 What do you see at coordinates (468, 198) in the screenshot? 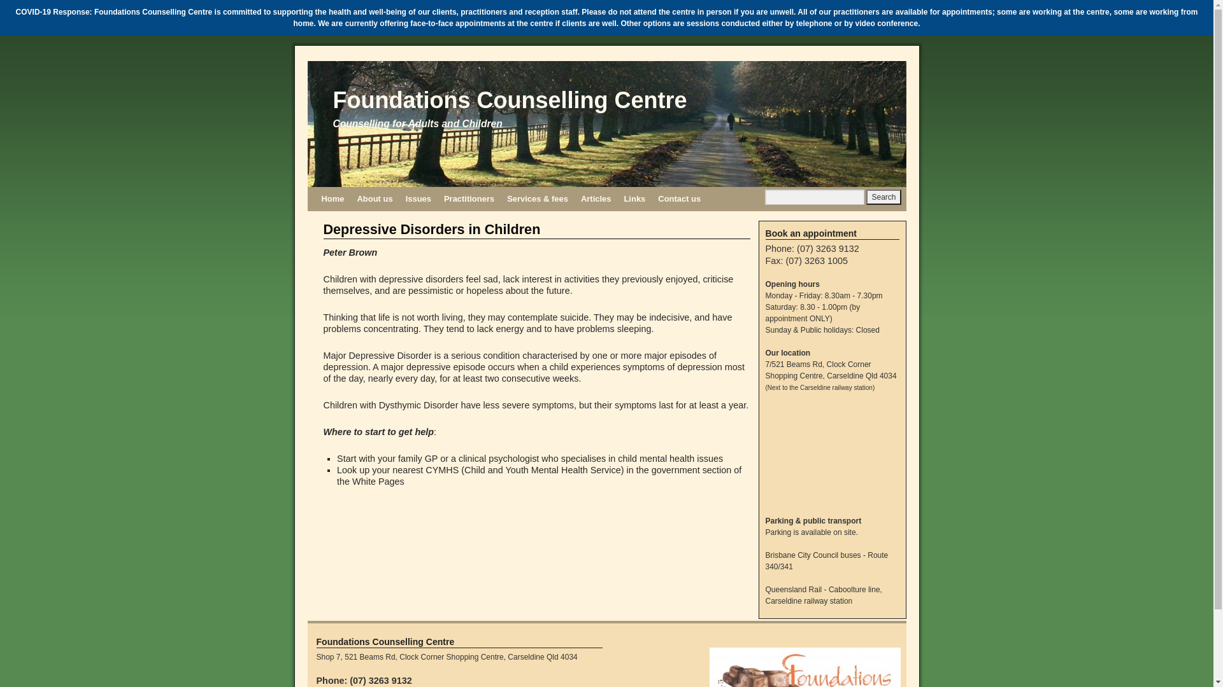
I see `'Practitioners'` at bounding box center [468, 198].